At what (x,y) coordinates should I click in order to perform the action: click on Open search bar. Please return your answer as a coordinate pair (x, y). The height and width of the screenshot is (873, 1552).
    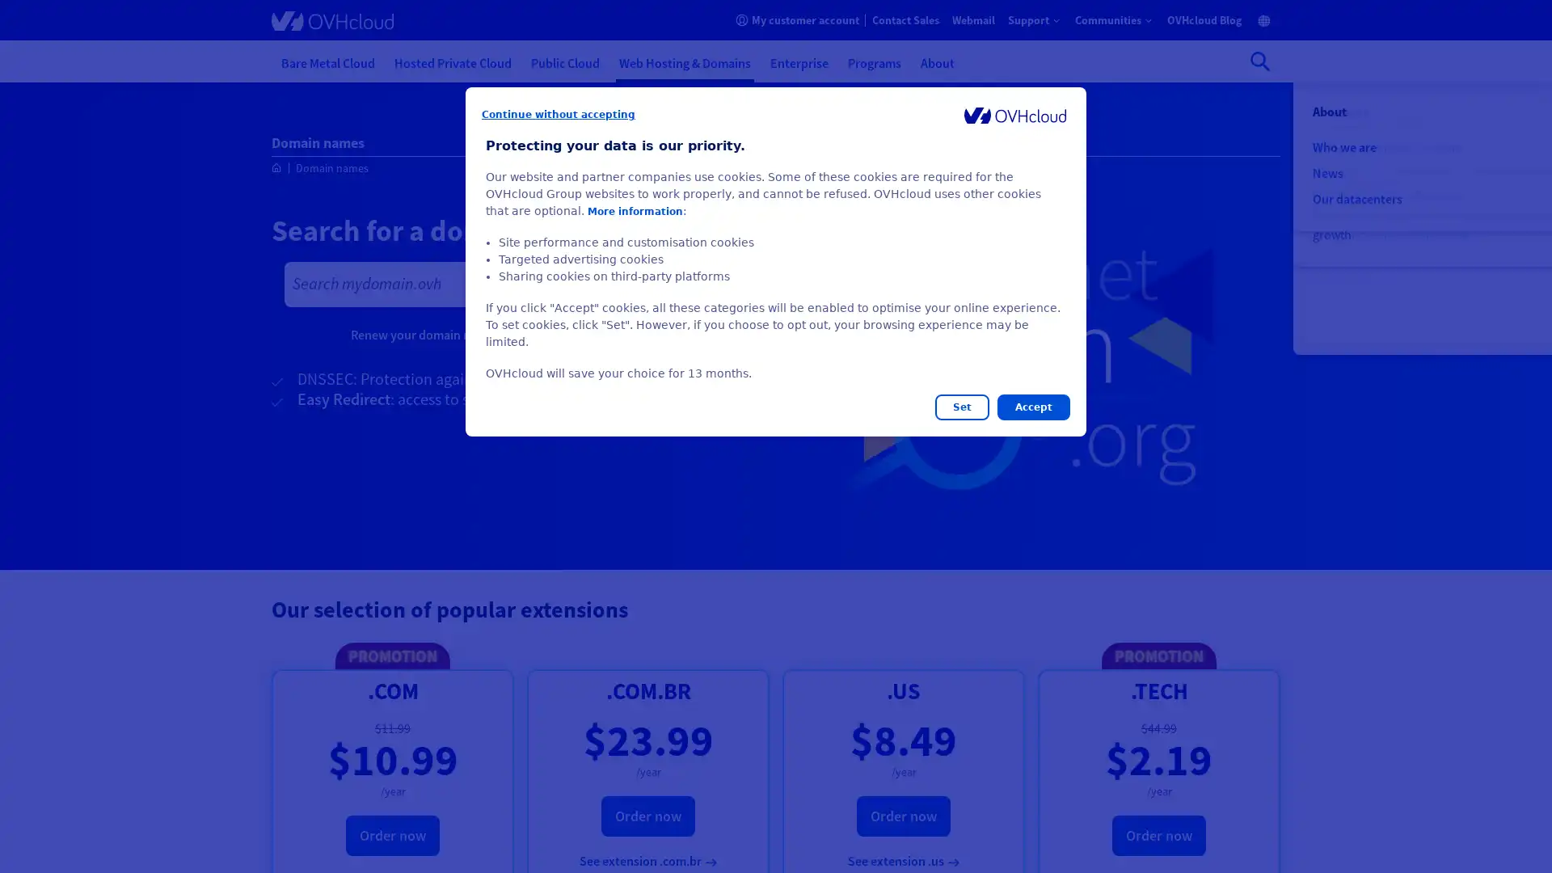
    Looking at the image, I should click on (1259, 61).